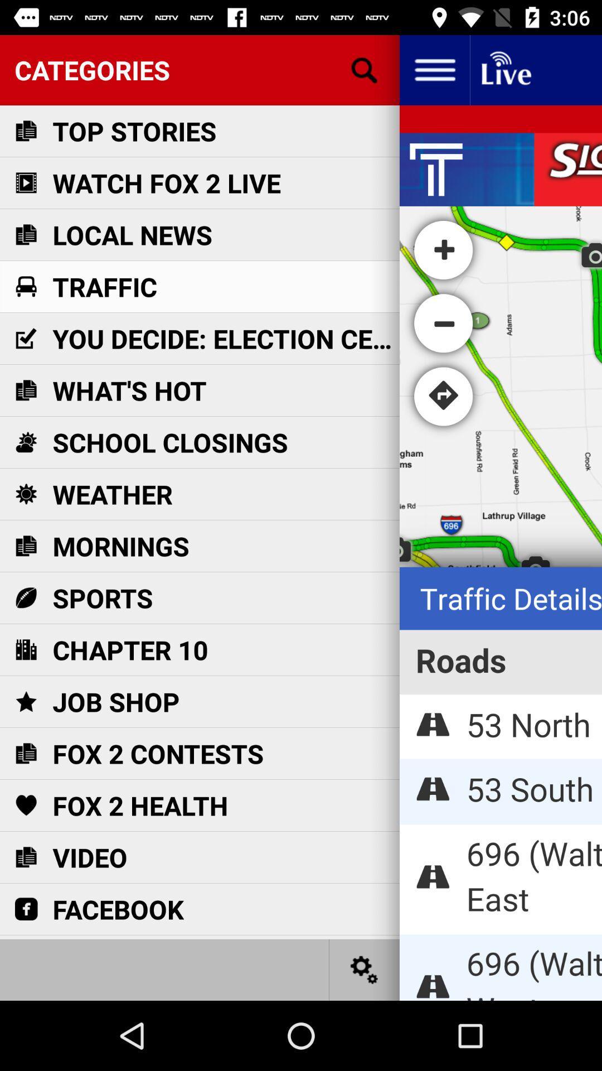 The height and width of the screenshot is (1071, 602). What do you see at coordinates (25, 546) in the screenshot?
I see `left of morning` at bounding box center [25, 546].